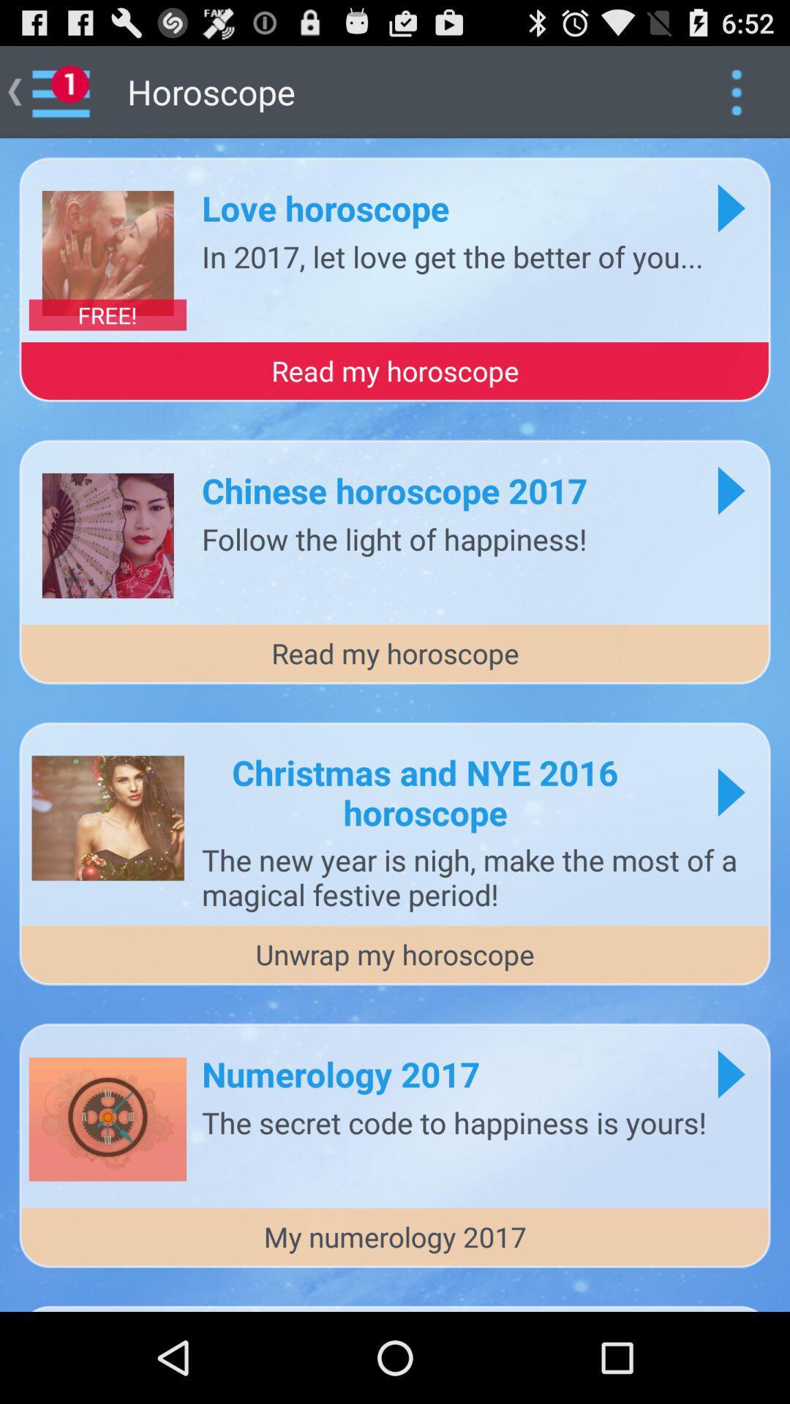  What do you see at coordinates (478, 877) in the screenshot?
I see `the new year item` at bounding box center [478, 877].